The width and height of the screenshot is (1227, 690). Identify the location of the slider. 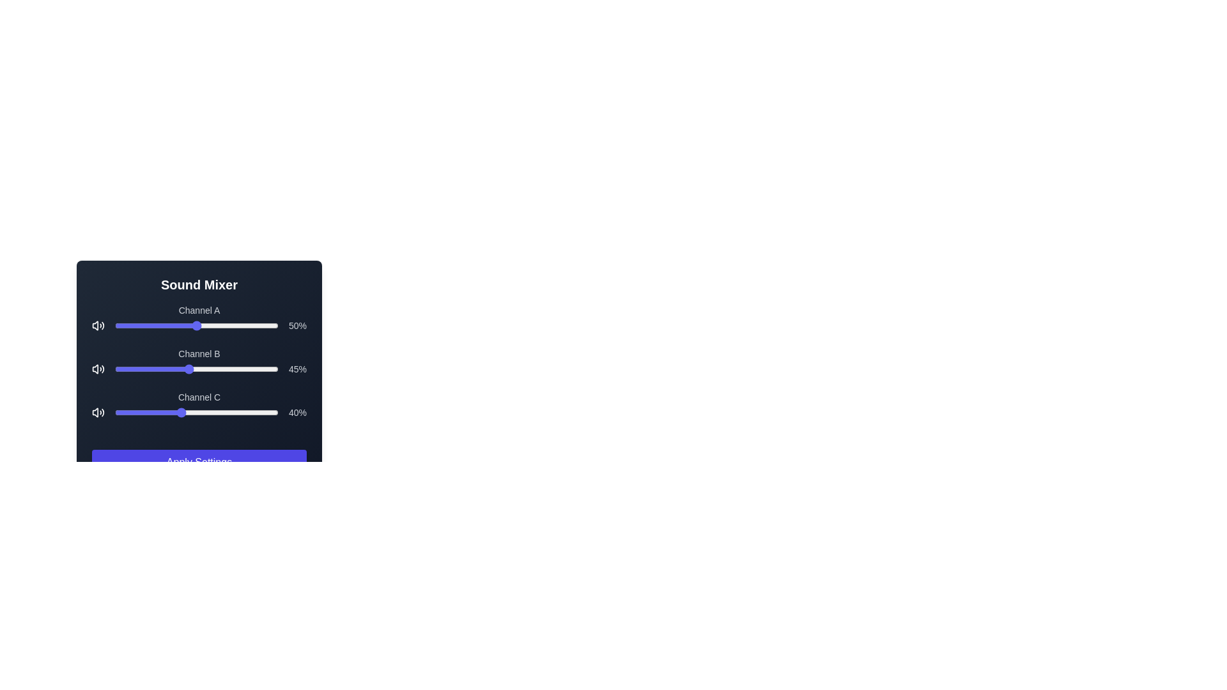
(133, 412).